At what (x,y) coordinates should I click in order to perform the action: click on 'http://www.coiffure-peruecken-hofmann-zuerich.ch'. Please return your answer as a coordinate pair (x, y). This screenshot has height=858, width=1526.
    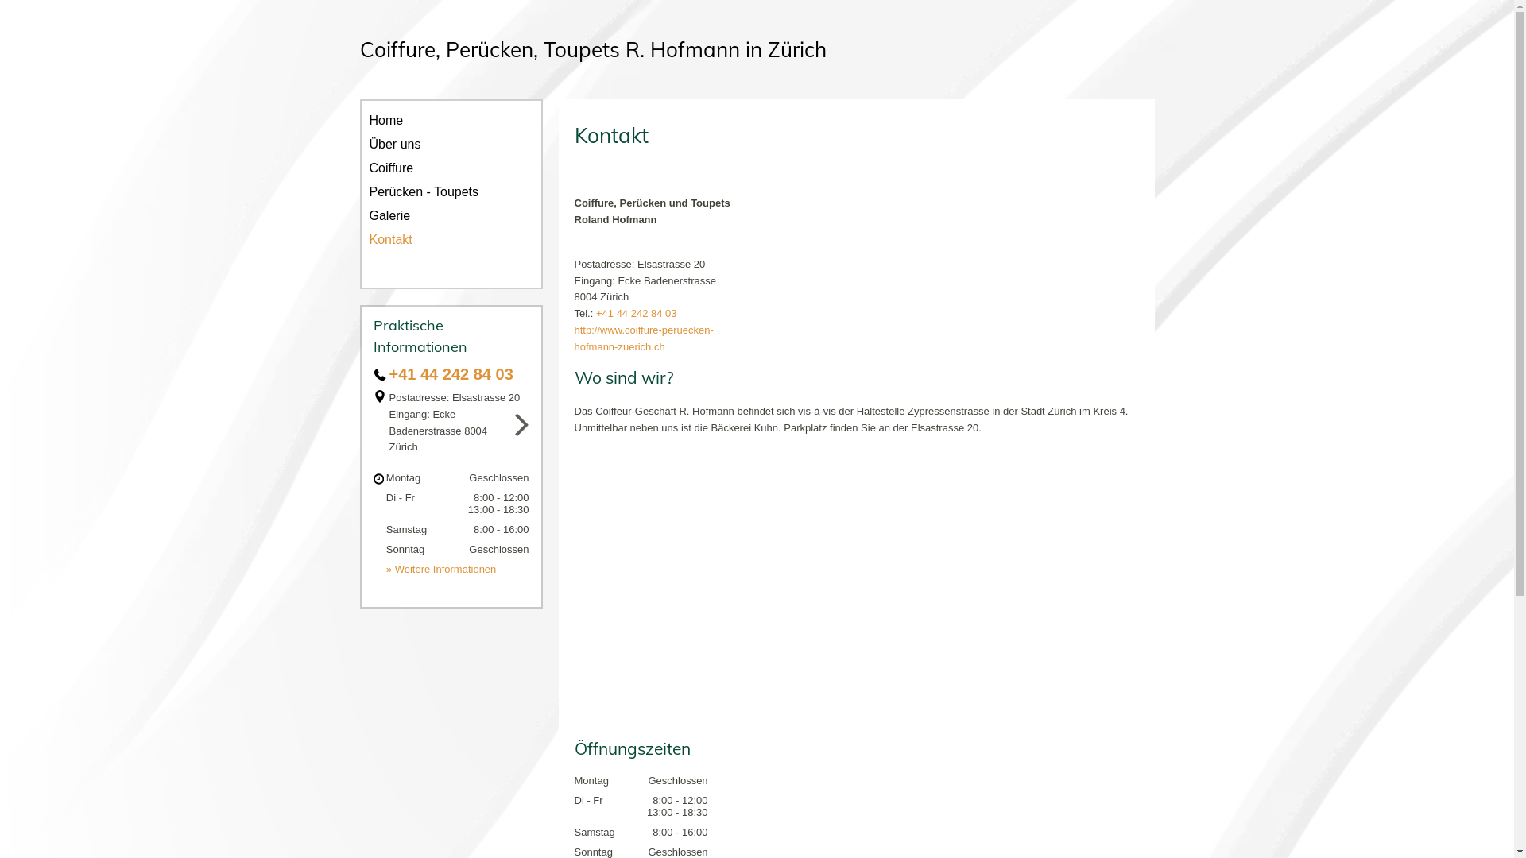
    Looking at the image, I should click on (643, 337).